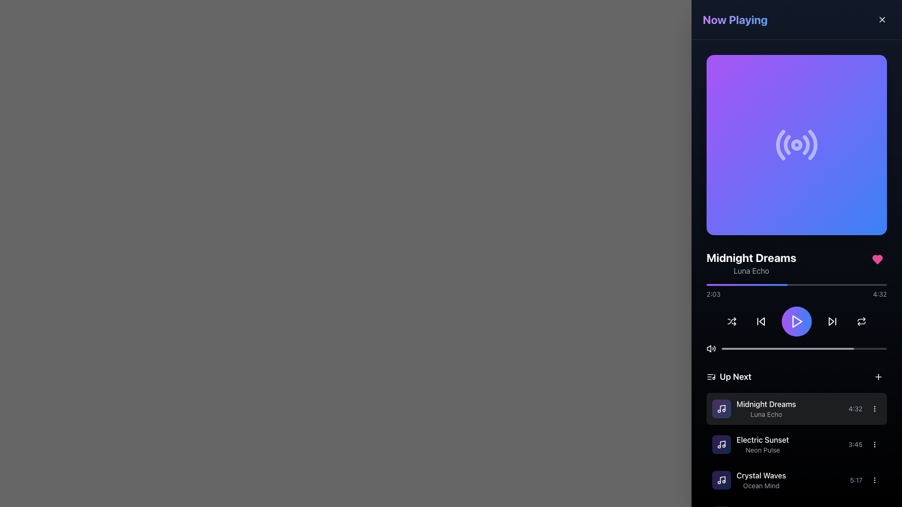  What do you see at coordinates (864, 444) in the screenshot?
I see `the ellipsis button next to the Duration label for the track 'Electric Sunset'` at bounding box center [864, 444].